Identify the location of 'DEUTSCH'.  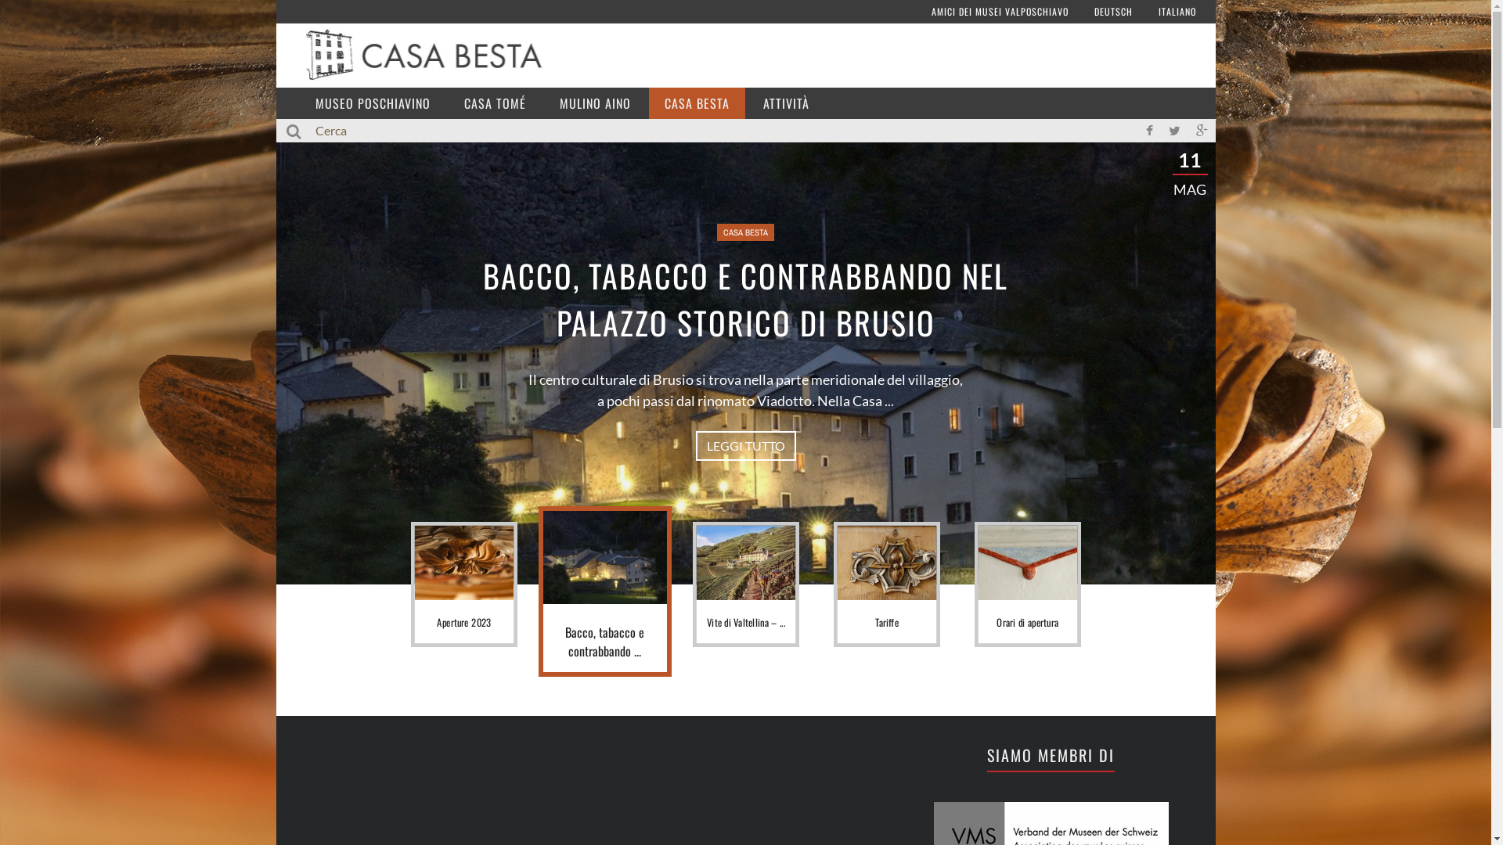
(1112, 12).